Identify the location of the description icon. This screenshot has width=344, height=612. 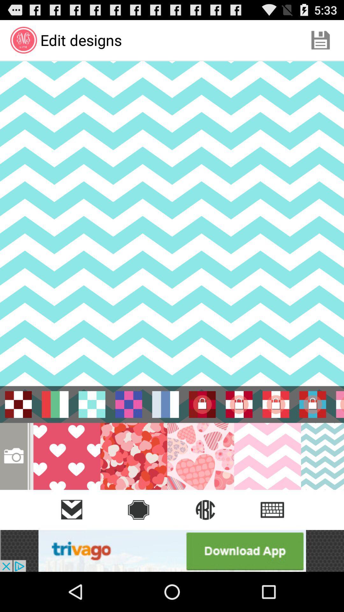
(272, 509).